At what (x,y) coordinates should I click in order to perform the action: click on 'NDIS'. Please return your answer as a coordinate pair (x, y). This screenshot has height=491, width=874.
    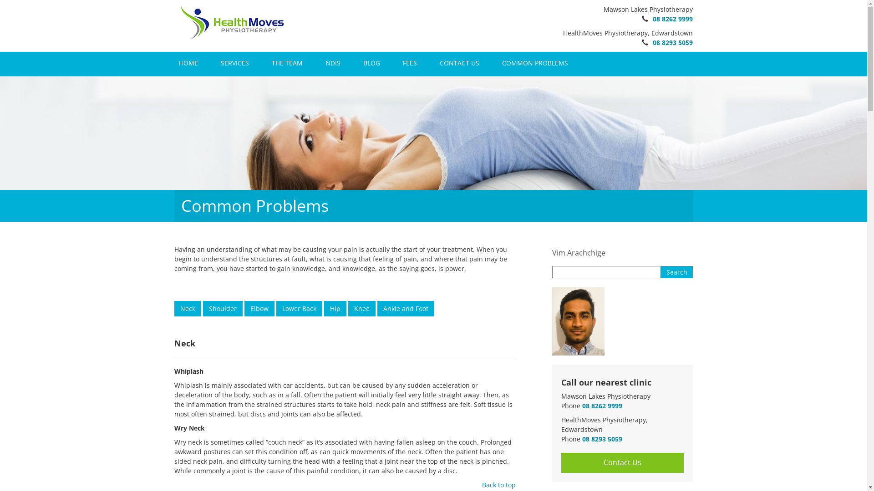
    Looking at the image, I should click on (320, 62).